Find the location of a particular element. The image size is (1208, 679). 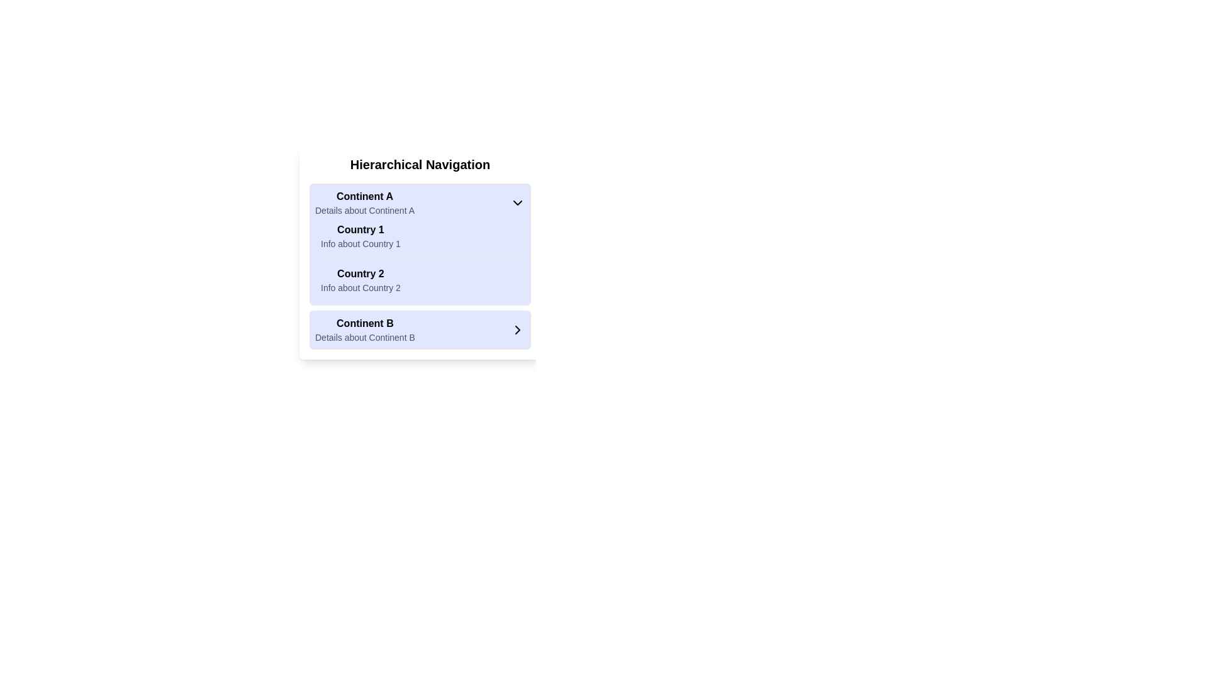

the text label reading 'Details about Continent A', which is styled with a smaller font size and grayish color, positioned below the title 'Continent A' in the hierarchical navigation menu is located at coordinates (364, 210).